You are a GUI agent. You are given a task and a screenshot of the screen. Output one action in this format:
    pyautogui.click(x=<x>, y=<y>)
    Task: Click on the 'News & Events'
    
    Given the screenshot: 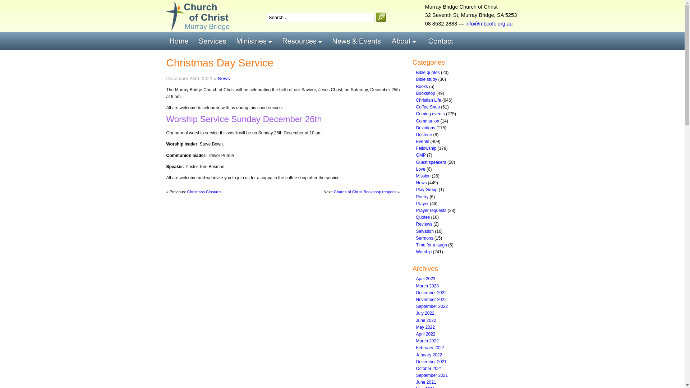 What is the action you would take?
    pyautogui.click(x=359, y=41)
    